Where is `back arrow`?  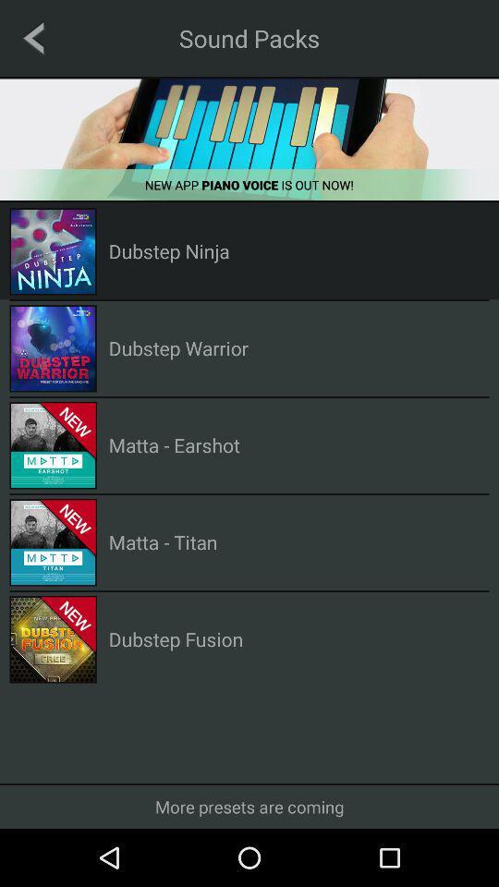
back arrow is located at coordinates (33, 37).